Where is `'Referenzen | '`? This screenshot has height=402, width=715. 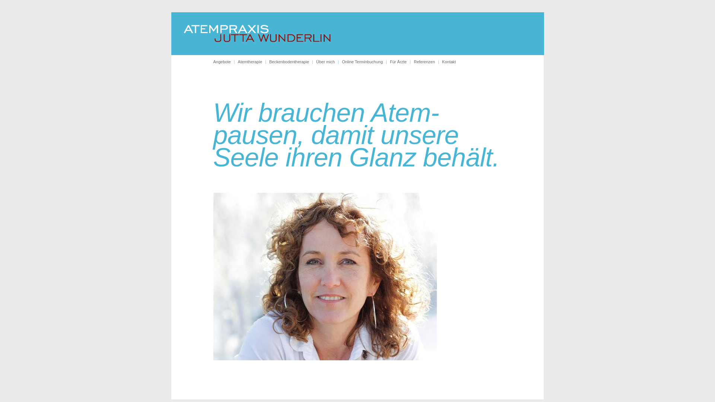
'Referenzen | ' is located at coordinates (428, 61).